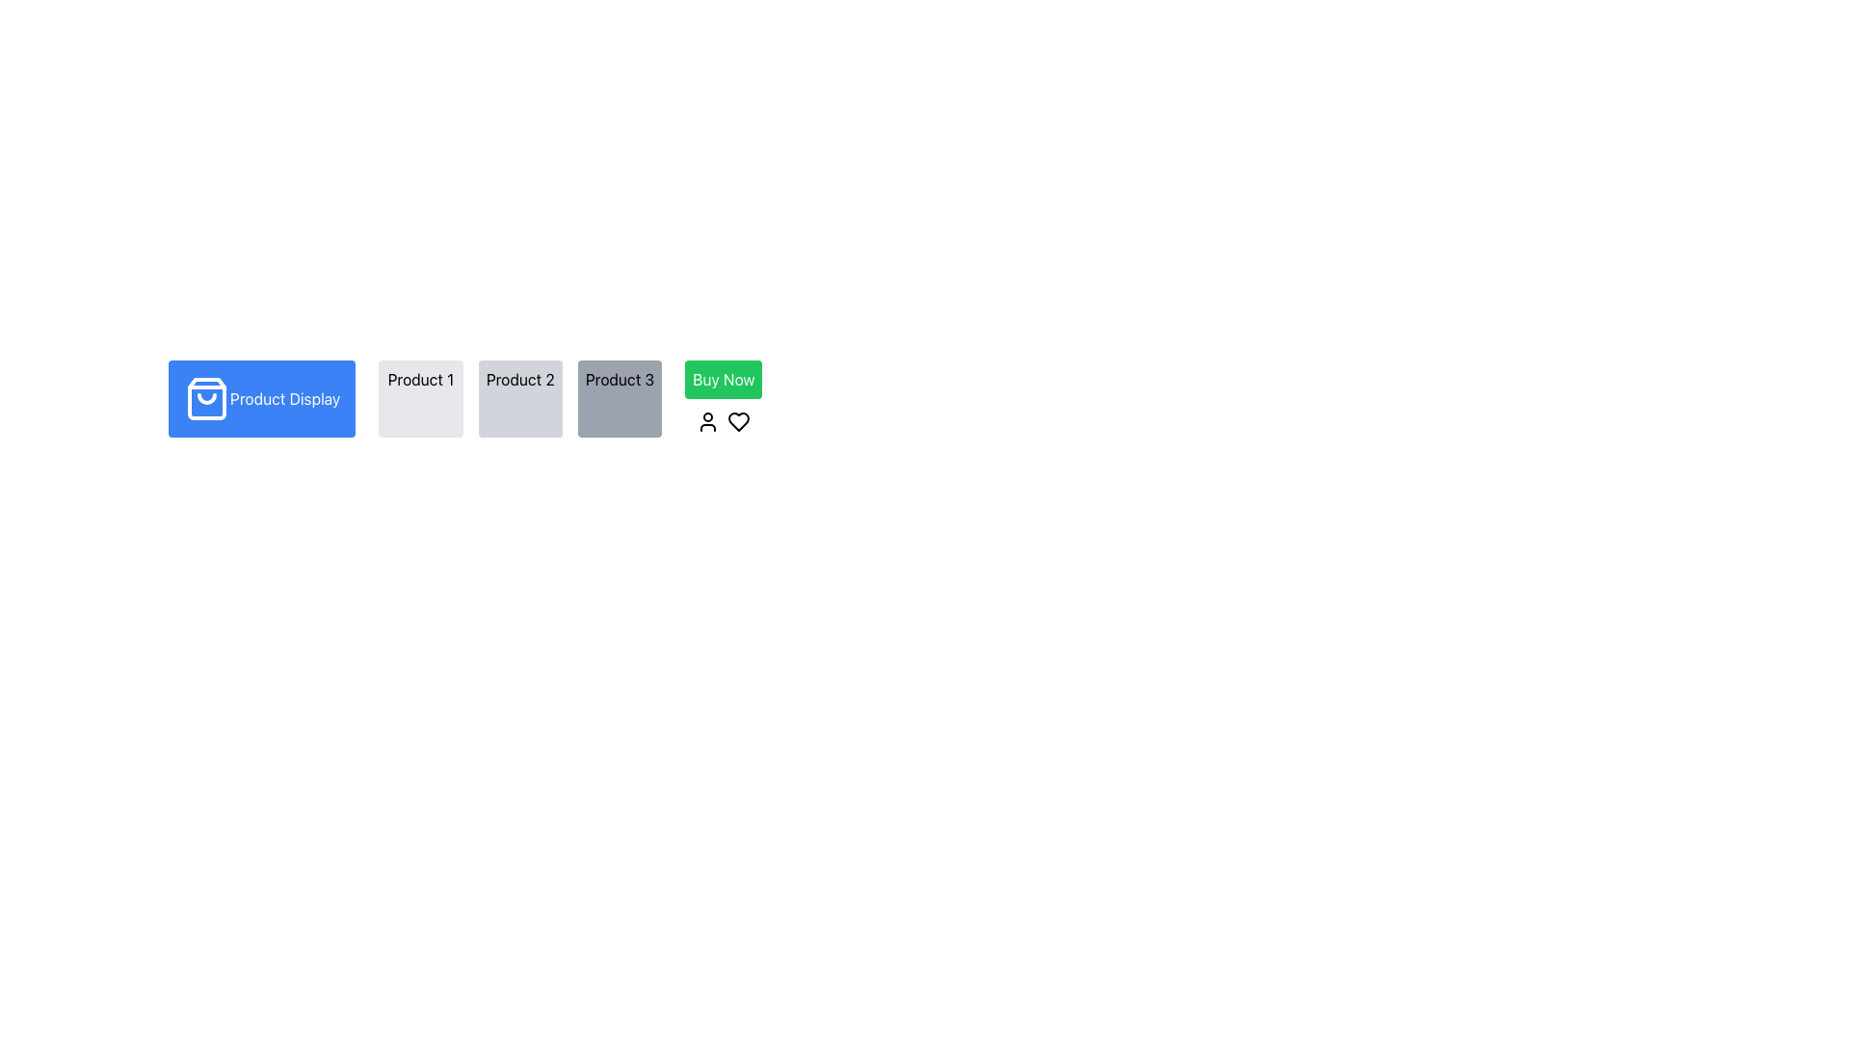 The image size is (1850, 1041). I want to click on the 'Buy Now' button, which is a rectangular element with a green background and white text located in the bottom row of the layout, so click(723, 397).